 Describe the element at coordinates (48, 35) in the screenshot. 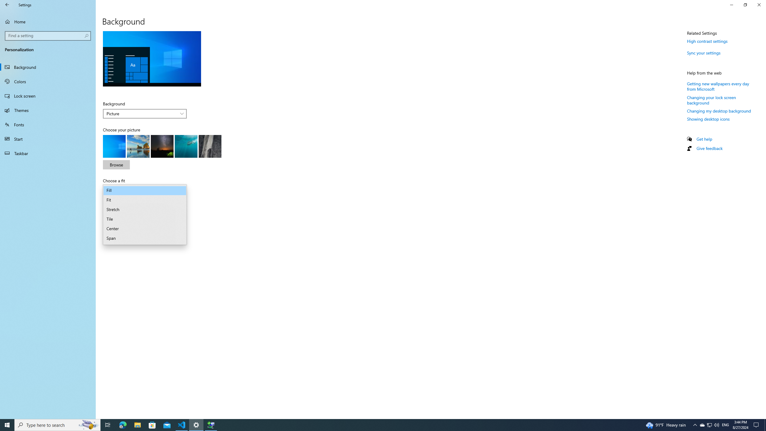

I see `'Search box, Find a setting'` at that location.